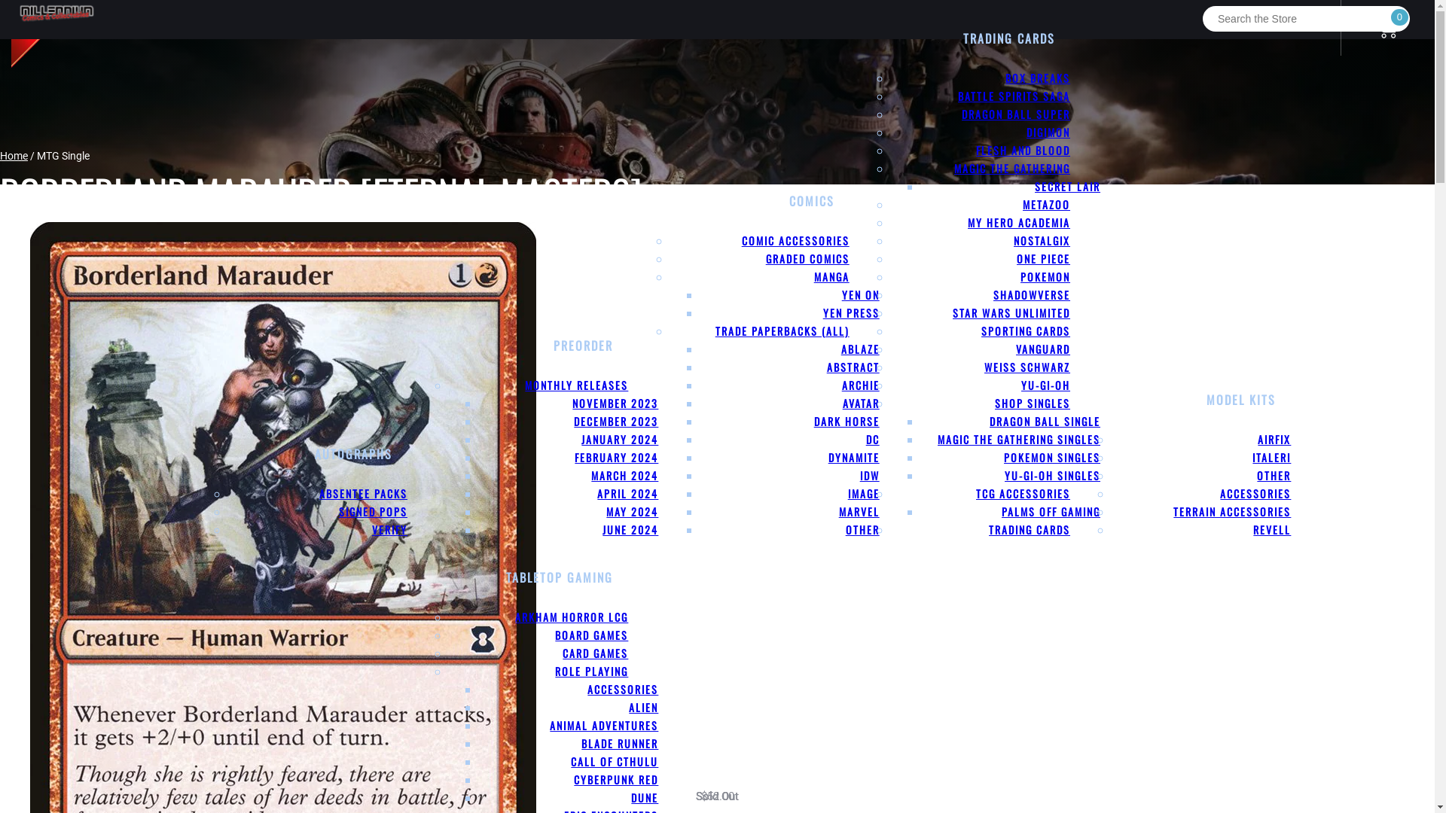 This screenshot has width=1446, height=813. What do you see at coordinates (590, 635) in the screenshot?
I see `'BOARD GAMES'` at bounding box center [590, 635].